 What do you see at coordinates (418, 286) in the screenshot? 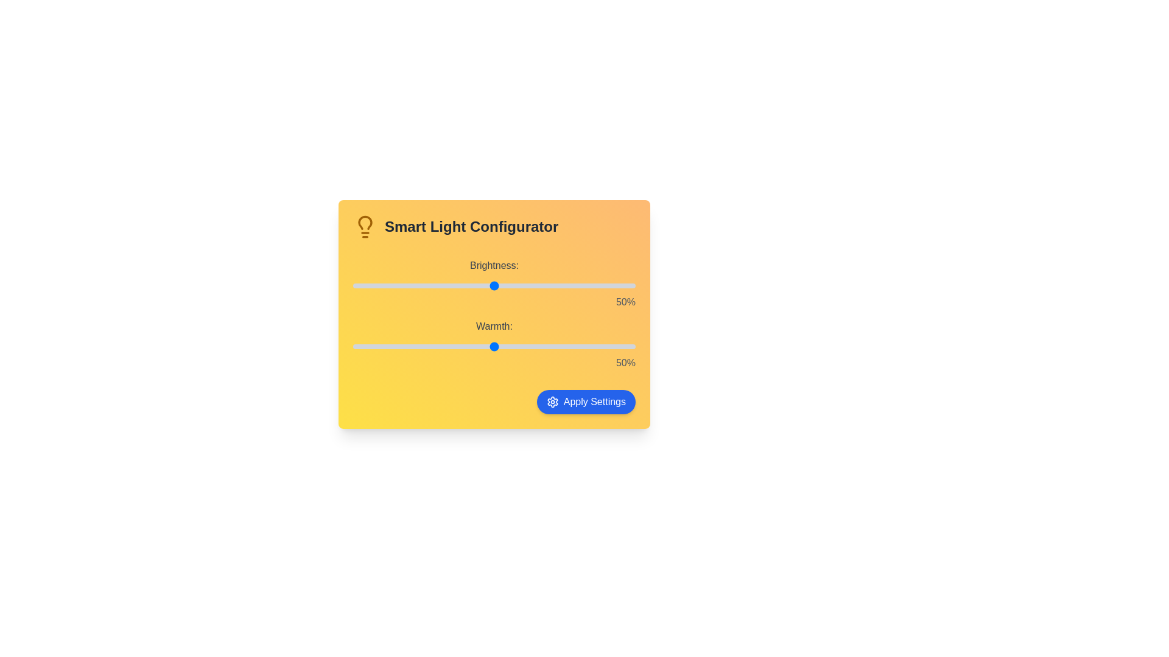
I see `the brightness level` at bounding box center [418, 286].